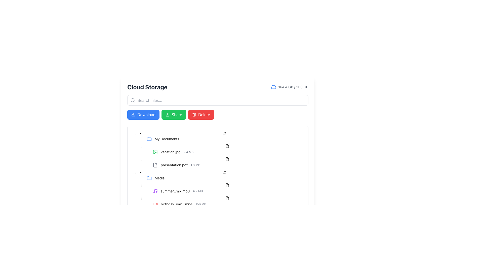  I want to click on the tree node placeholder located to the left of the text label 'birthday_party.mp4156 MB' in the tree view structure, which serves as a non-interactive tree switcher, so click(146, 201).